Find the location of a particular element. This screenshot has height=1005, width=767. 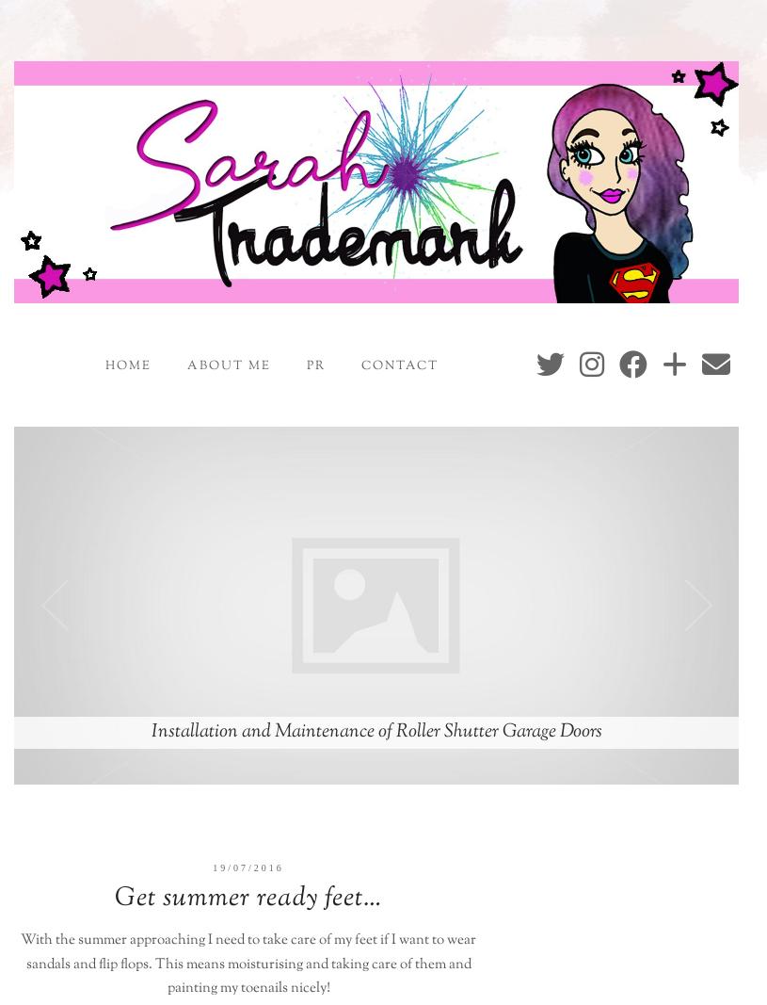

'Vintage and Antique Home Decor How to Incorporate Old World Charm' is located at coordinates (376, 730).